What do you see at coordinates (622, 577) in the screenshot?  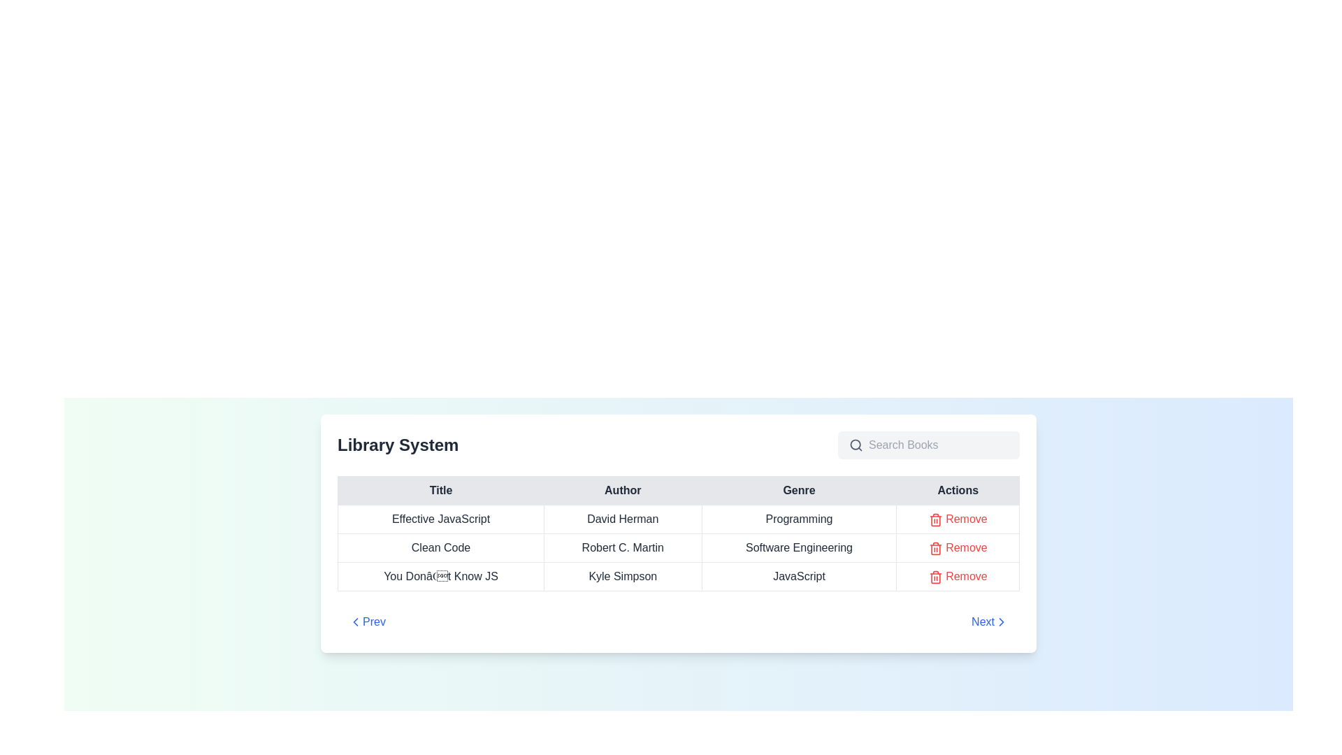 I see `the text label displaying 'Kyle Simpson' located in the second column under the 'Author' header, corresponding to the book 'You Don’t Know JS'` at bounding box center [622, 577].